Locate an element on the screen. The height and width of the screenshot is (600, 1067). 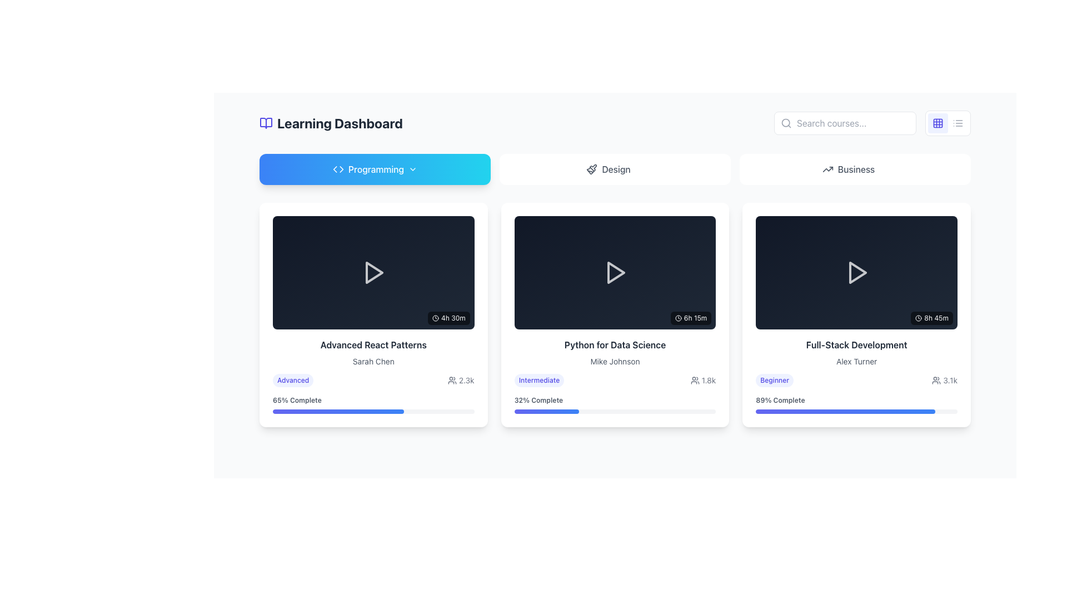
the progress indicator bar styled with a gradient transitioning from indigo to blue, located within the 'Python for Data Science' course card, below the '32% Complete' text label is located at coordinates (546, 411).